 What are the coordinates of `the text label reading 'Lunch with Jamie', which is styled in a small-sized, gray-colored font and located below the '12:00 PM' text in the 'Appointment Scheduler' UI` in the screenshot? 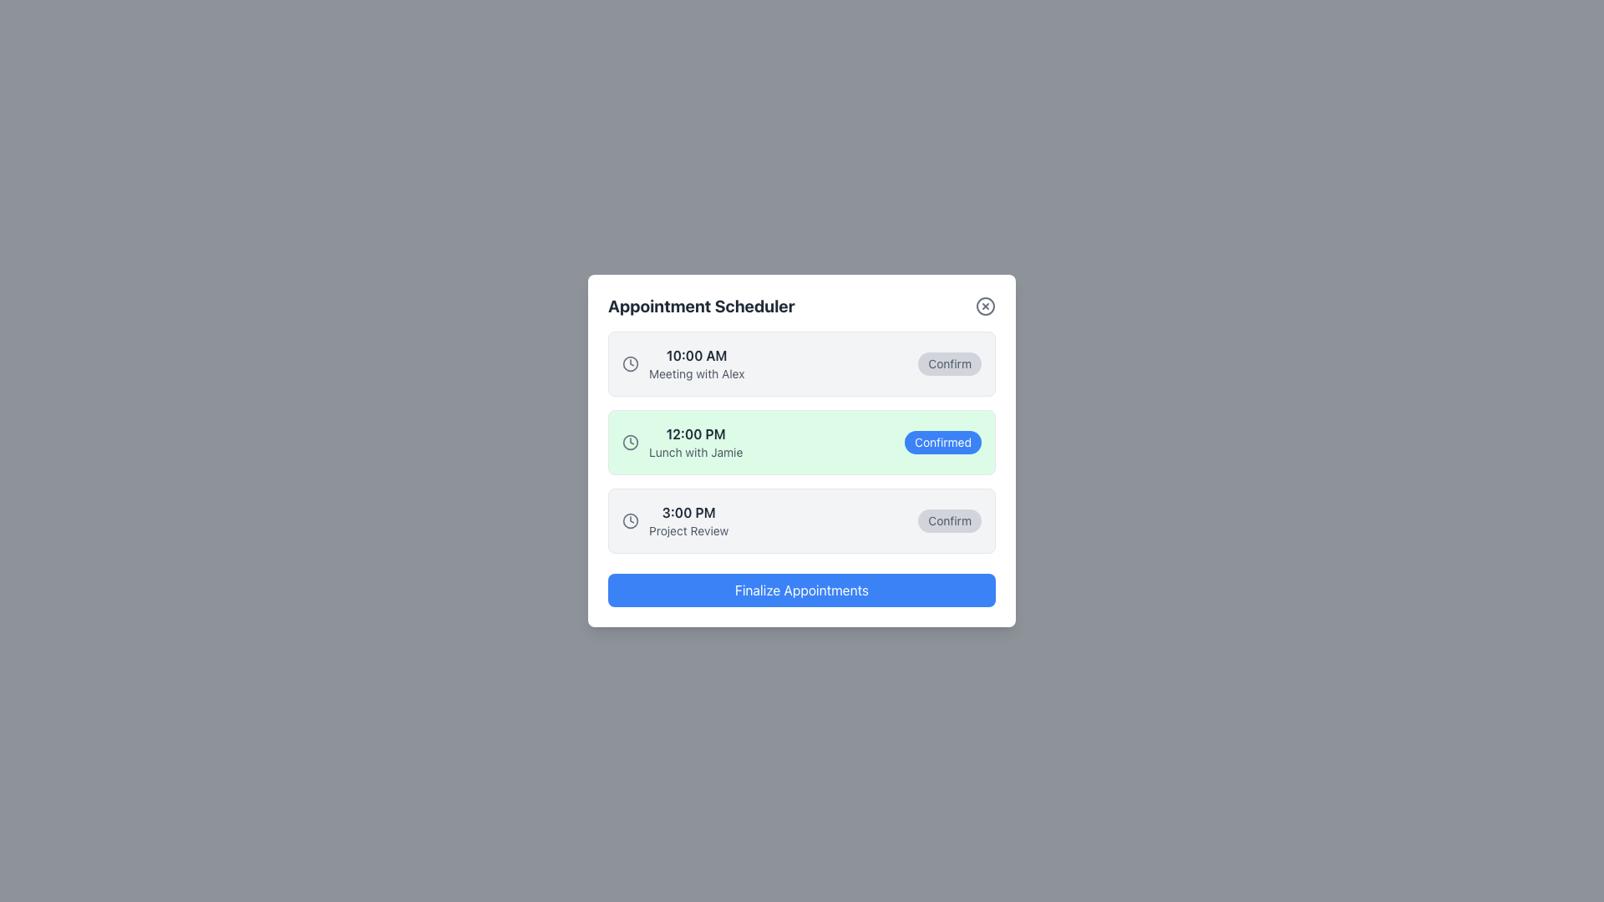 It's located at (696, 453).